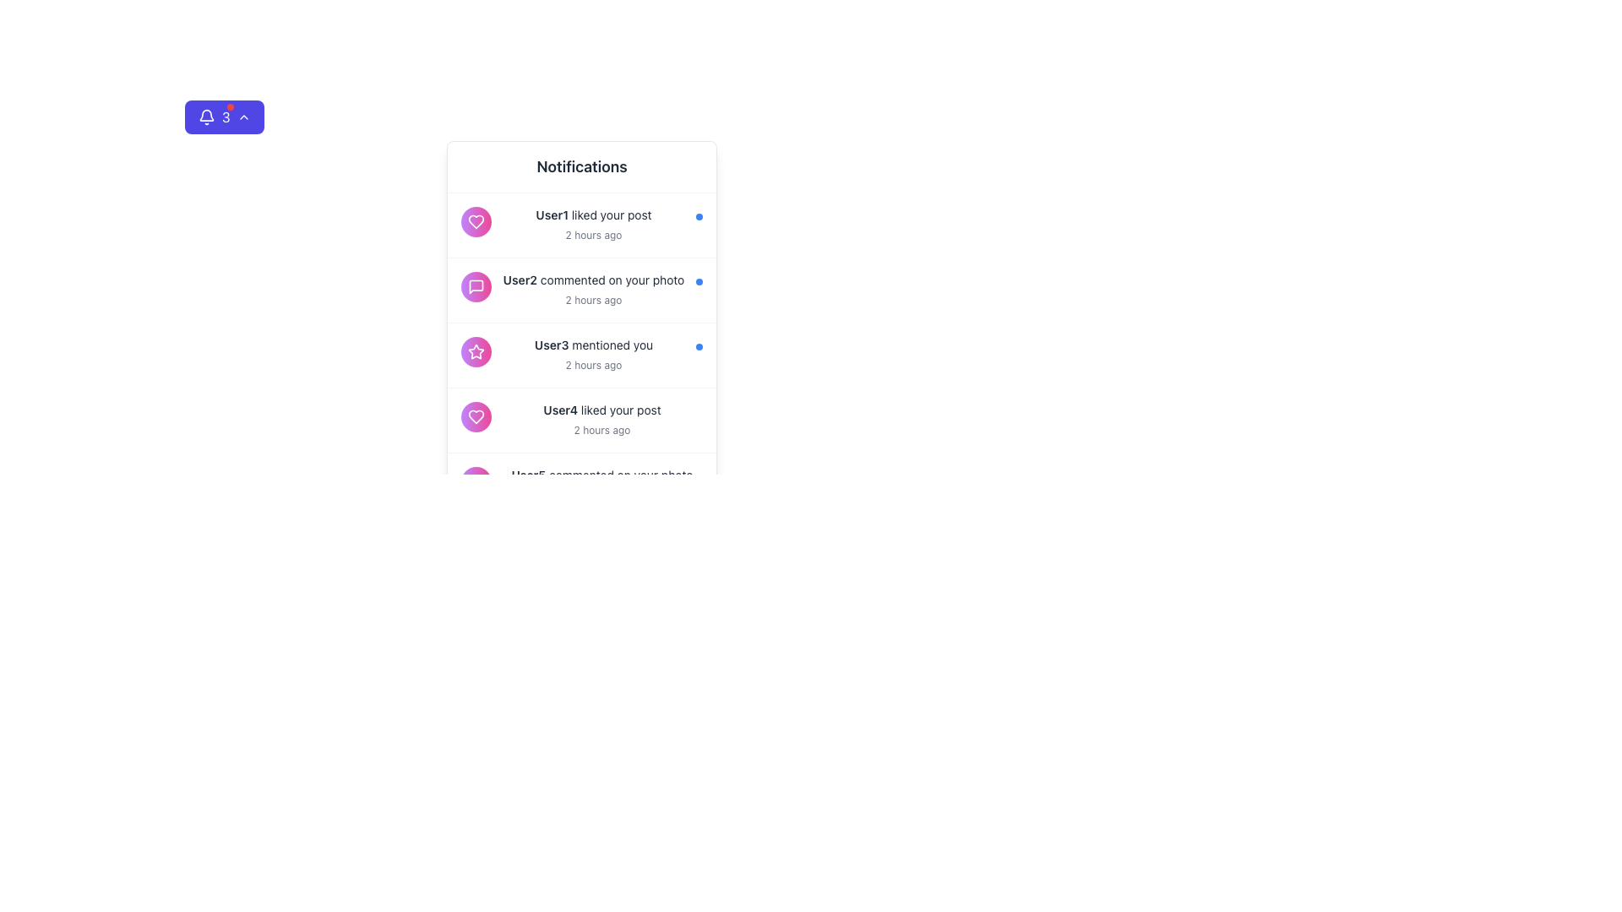 The image size is (1622, 912). Describe the element at coordinates (582, 354) in the screenshot. I see `notification details from the scrollable list located midway within the notifications panel, below the heading and above the footer` at that location.